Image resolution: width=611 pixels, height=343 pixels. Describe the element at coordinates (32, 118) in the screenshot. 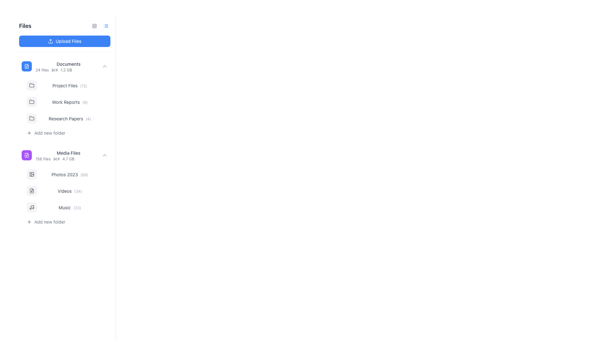

I see `the folder icon associated with the 'Research Papers (4)' entry in the 'Documents' section of the sidebar list for visual understanding` at that location.